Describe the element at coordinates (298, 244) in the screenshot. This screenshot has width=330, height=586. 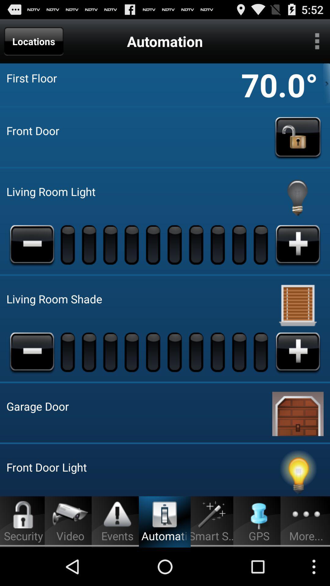
I see `increase light brightness` at that location.